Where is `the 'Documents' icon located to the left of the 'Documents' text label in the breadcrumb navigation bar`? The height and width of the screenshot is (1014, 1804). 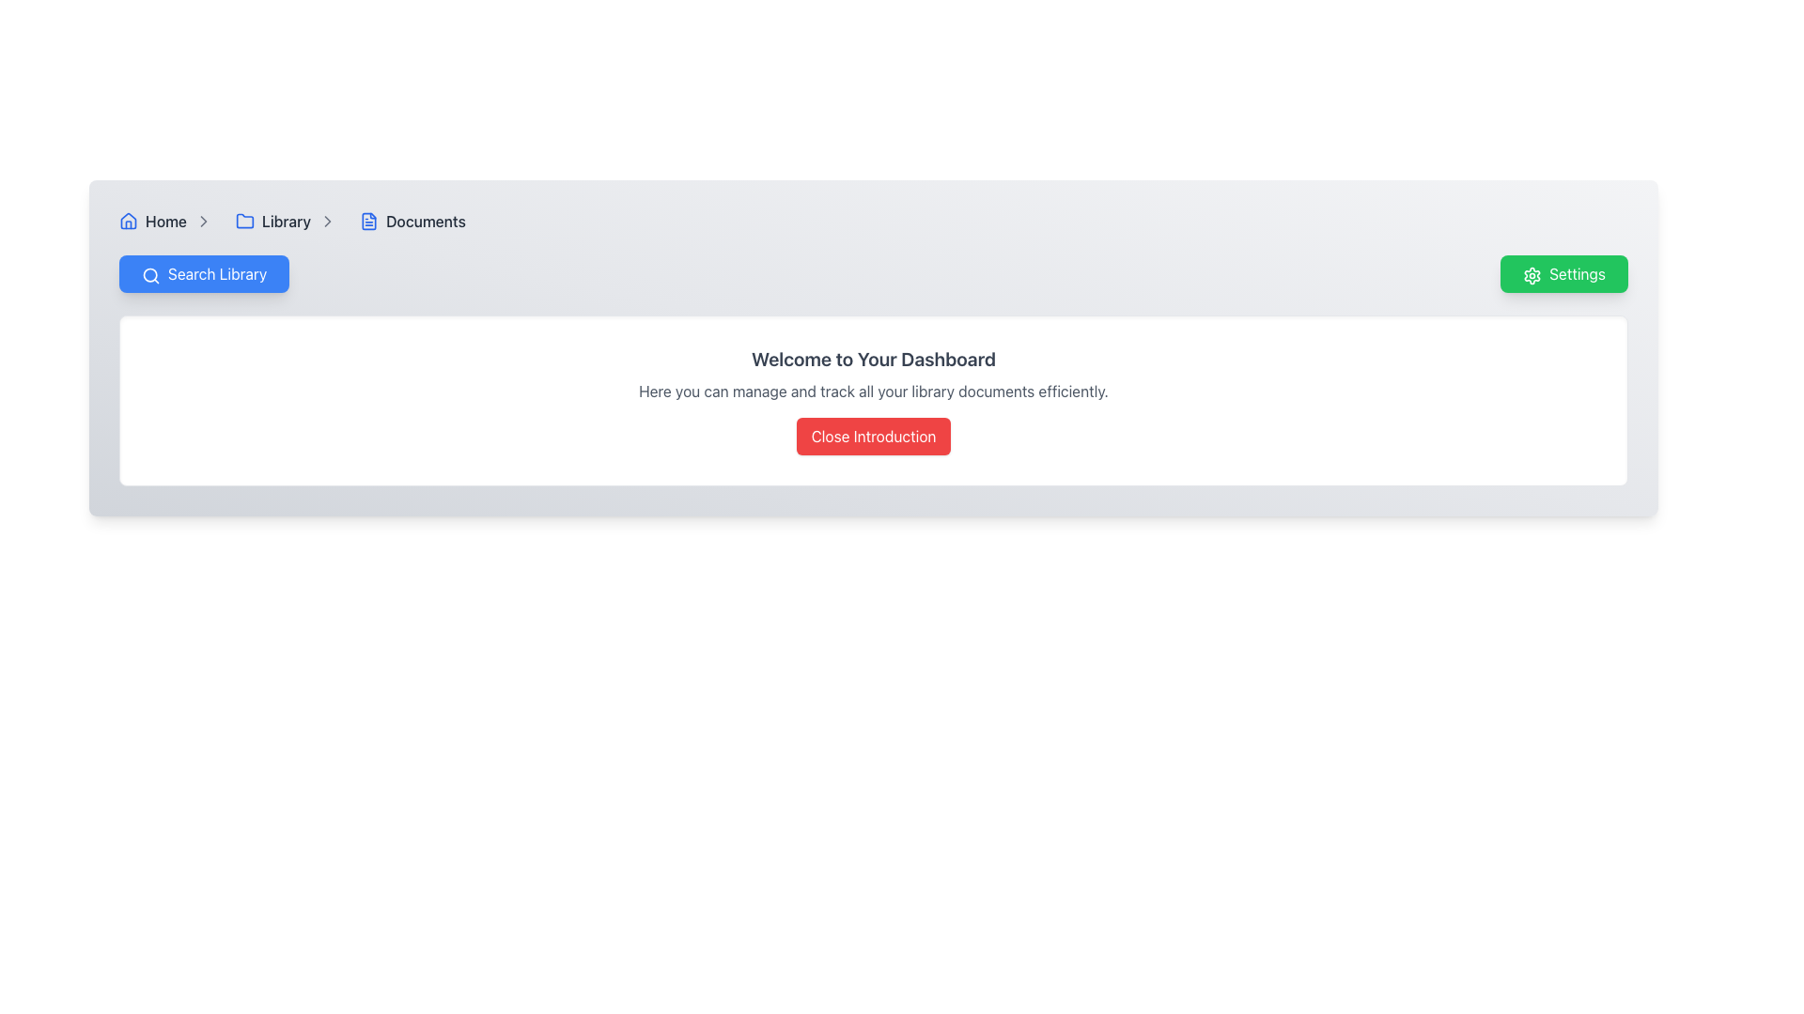
the 'Documents' icon located to the left of the 'Documents' text label in the breadcrumb navigation bar is located at coordinates (369, 220).